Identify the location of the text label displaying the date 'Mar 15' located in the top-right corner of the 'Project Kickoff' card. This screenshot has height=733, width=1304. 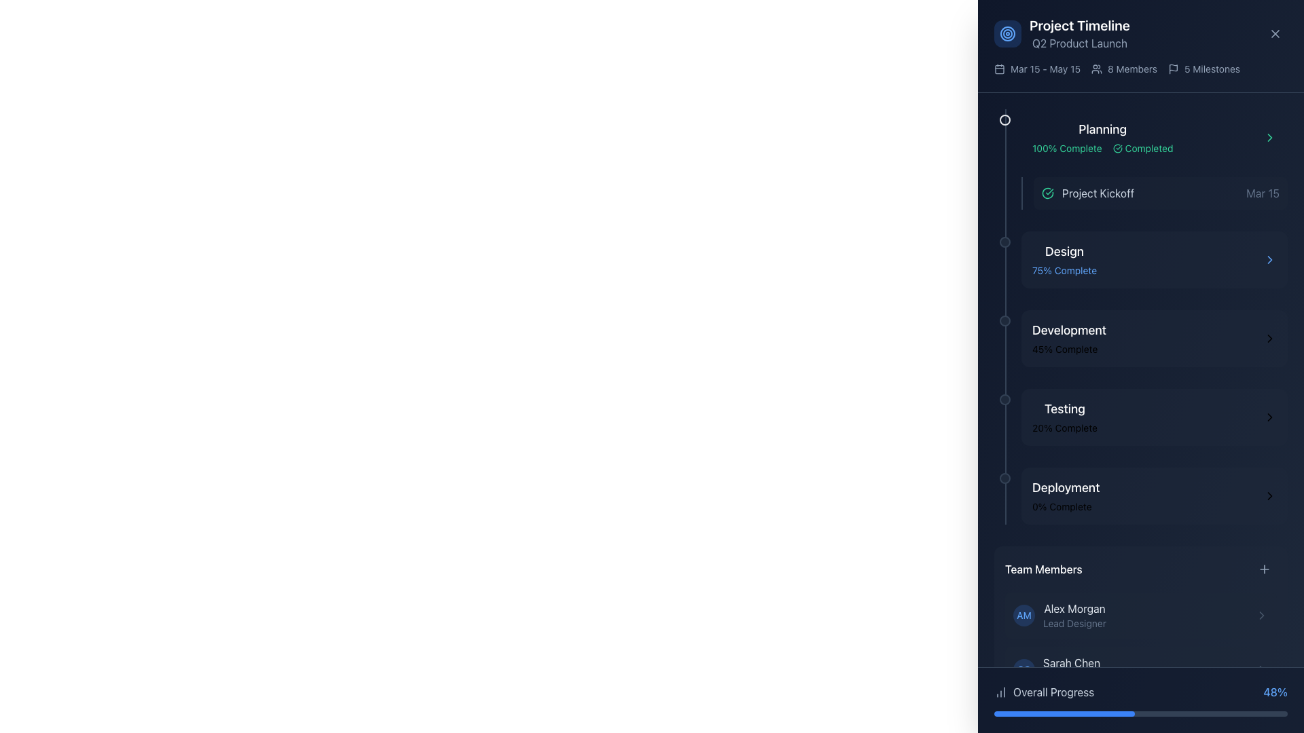
(1262, 193).